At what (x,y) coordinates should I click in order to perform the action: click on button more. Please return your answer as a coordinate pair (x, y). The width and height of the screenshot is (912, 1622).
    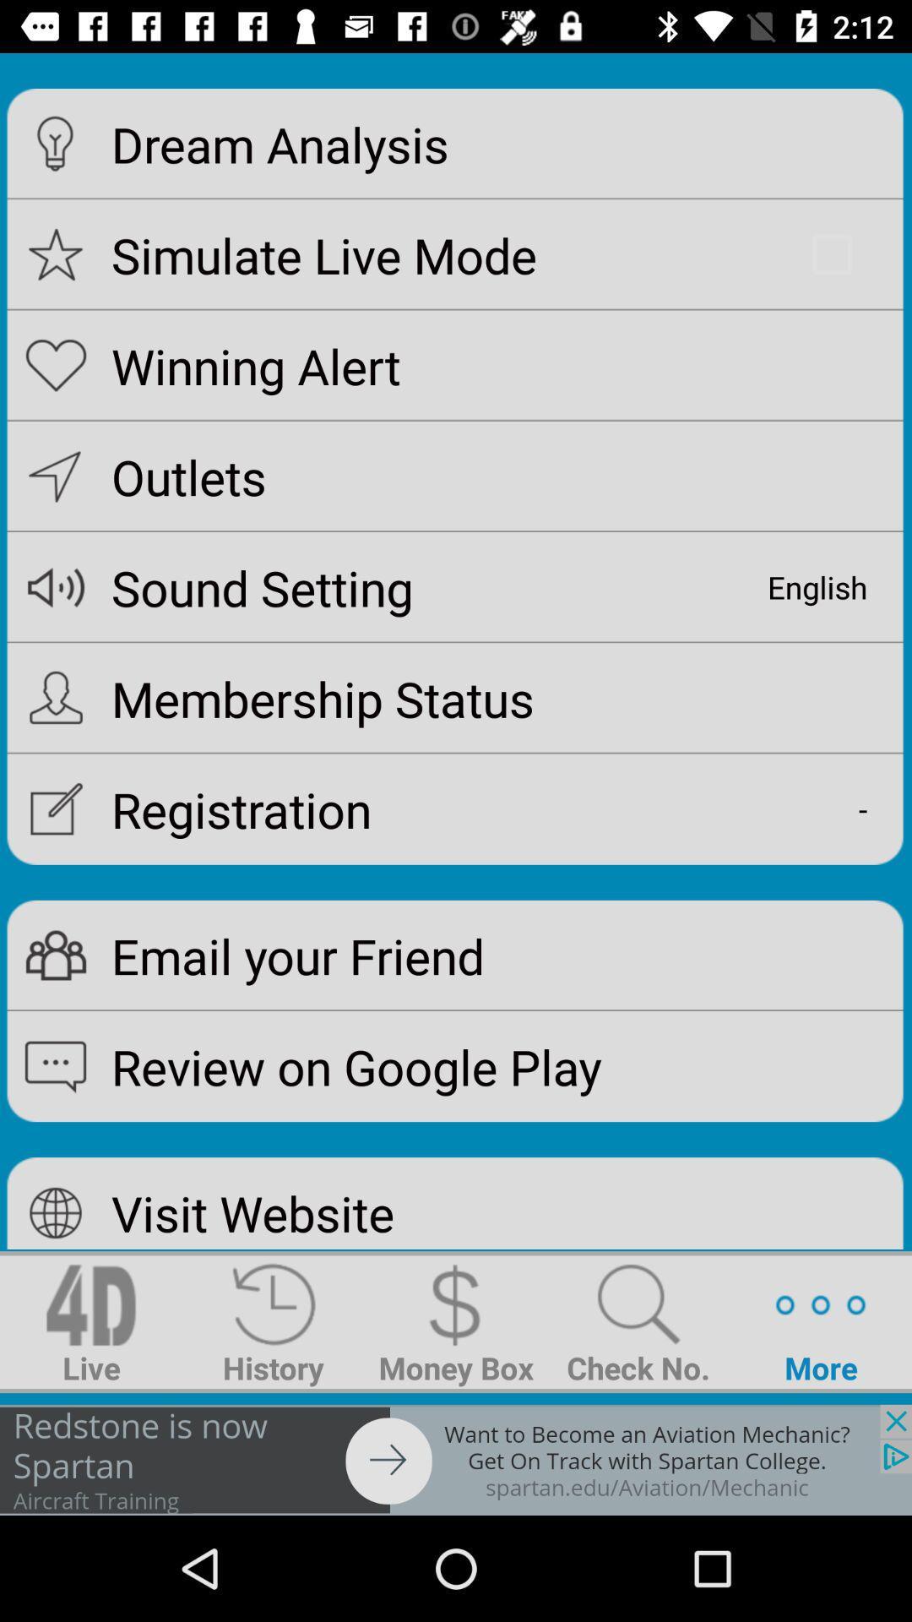
    Looking at the image, I should click on (820, 1321).